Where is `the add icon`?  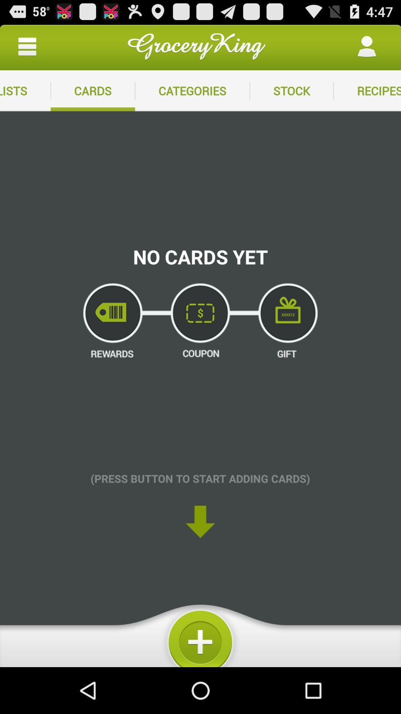
the add icon is located at coordinates (200, 677).